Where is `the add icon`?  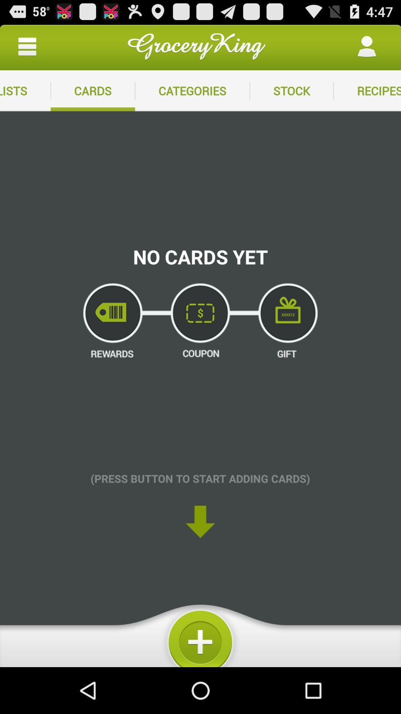
the add icon is located at coordinates (200, 677).